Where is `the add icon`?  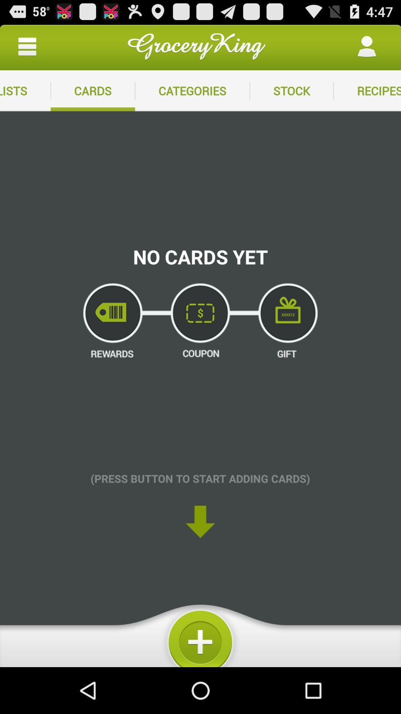
the add icon is located at coordinates (200, 677).